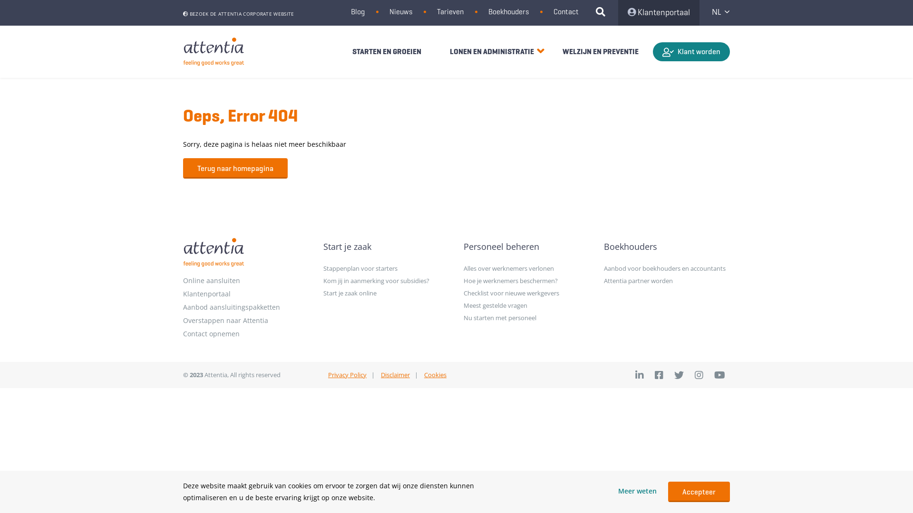  What do you see at coordinates (386, 280) in the screenshot?
I see `'Kom jij in aanmerking voor subsidies?'` at bounding box center [386, 280].